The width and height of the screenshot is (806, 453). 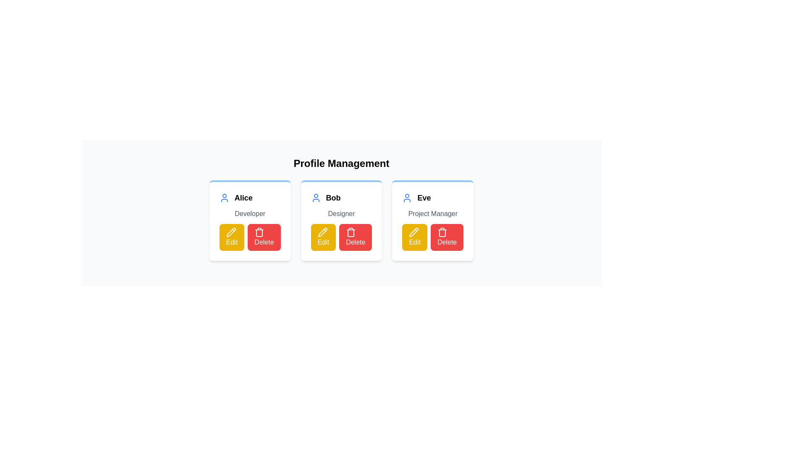 What do you see at coordinates (231, 232) in the screenshot?
I see `the leftmost 'Edit' button under 'Alice's profile in the 'Profile Management' interface to initiate the edit action for her profile` at bounding box center [231, 232].